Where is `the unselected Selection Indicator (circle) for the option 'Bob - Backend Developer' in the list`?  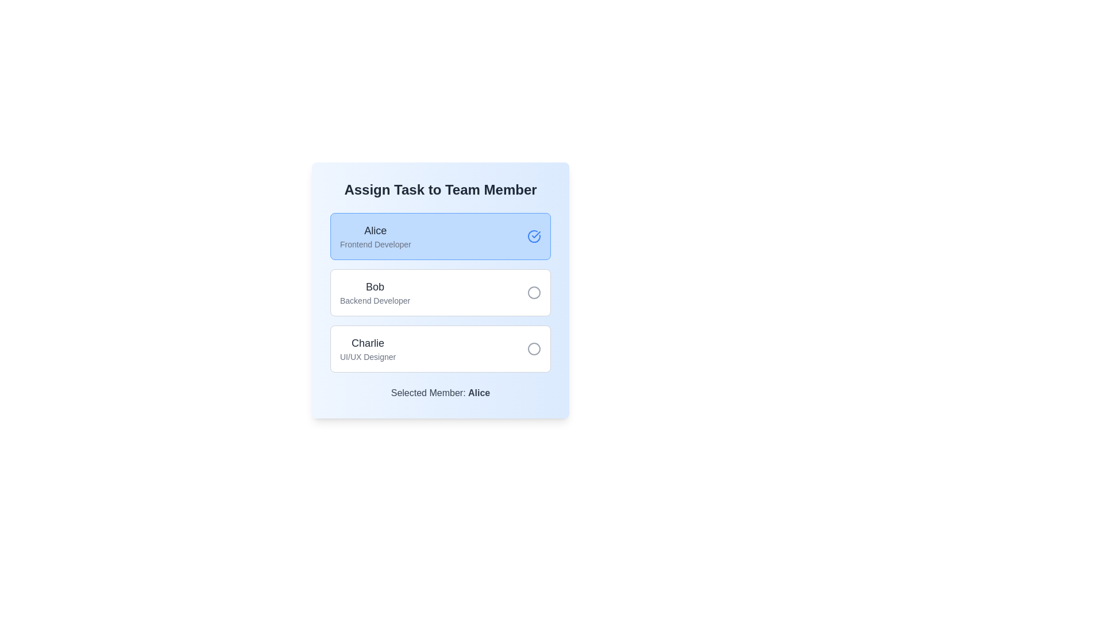 the unselected Selection Indicator (circle) for the option 'Bob - Backend Developer' in the list is located at coordinates (534, 292).